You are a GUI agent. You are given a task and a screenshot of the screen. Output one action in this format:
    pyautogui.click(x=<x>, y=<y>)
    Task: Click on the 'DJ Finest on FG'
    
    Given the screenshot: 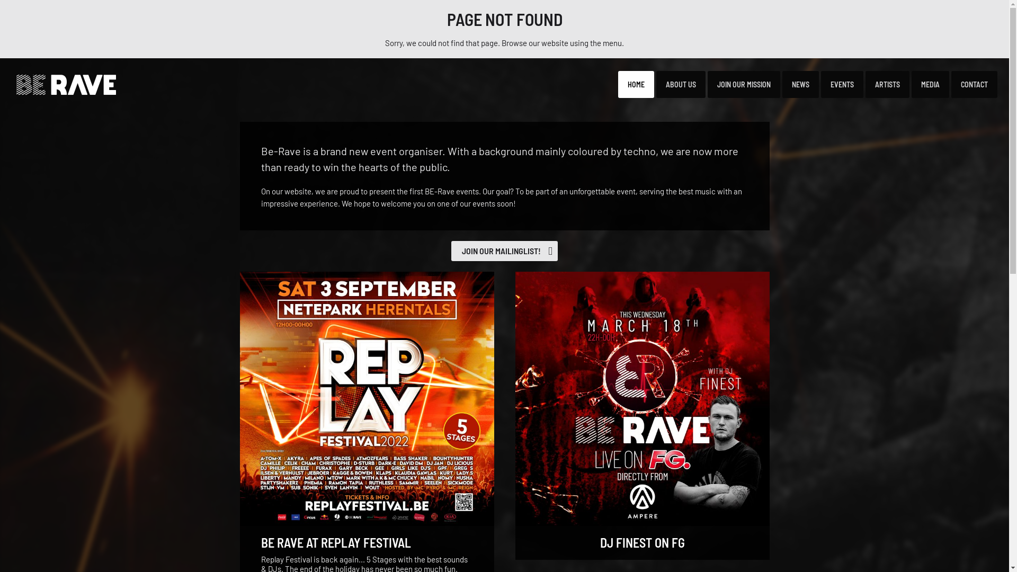 What is the action you would take?
    pyautogui.click(x=641, y=398)
    